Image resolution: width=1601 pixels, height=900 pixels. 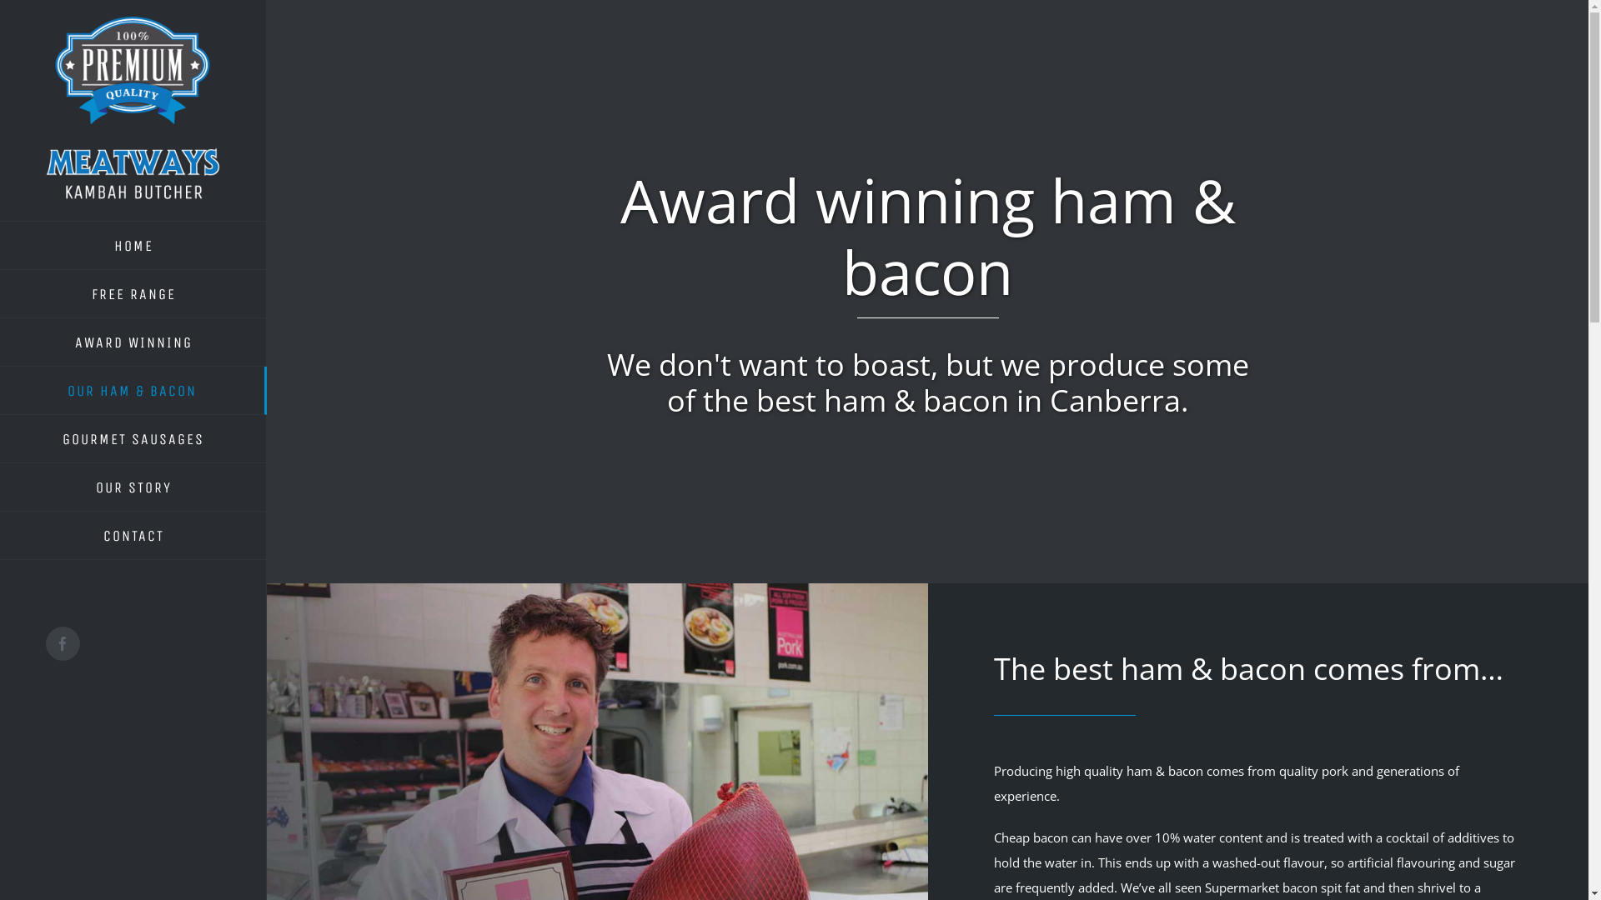 What do you see at coordinates (132, 487) in the screenshot?
I see `'OUR STORY'` at bounding box center [132, 487].